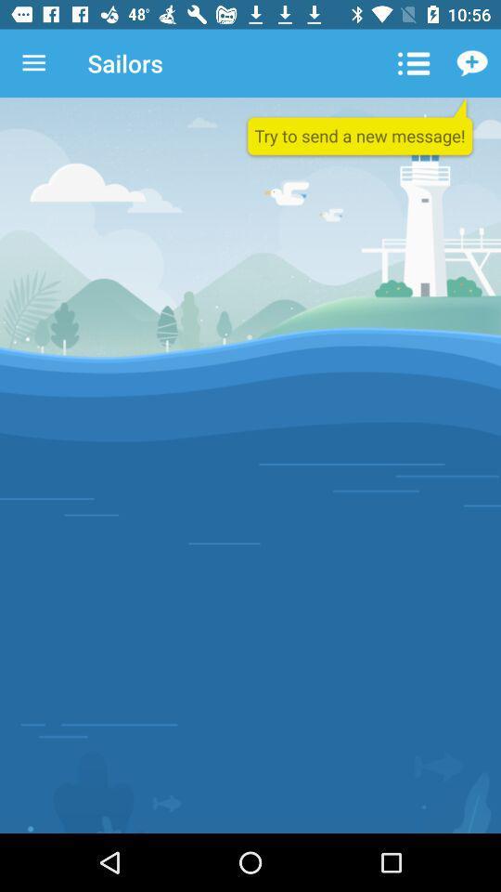  Describe the element at coordinates (33, 63) in the screenshot. I see `item next to the sailors` at that location.